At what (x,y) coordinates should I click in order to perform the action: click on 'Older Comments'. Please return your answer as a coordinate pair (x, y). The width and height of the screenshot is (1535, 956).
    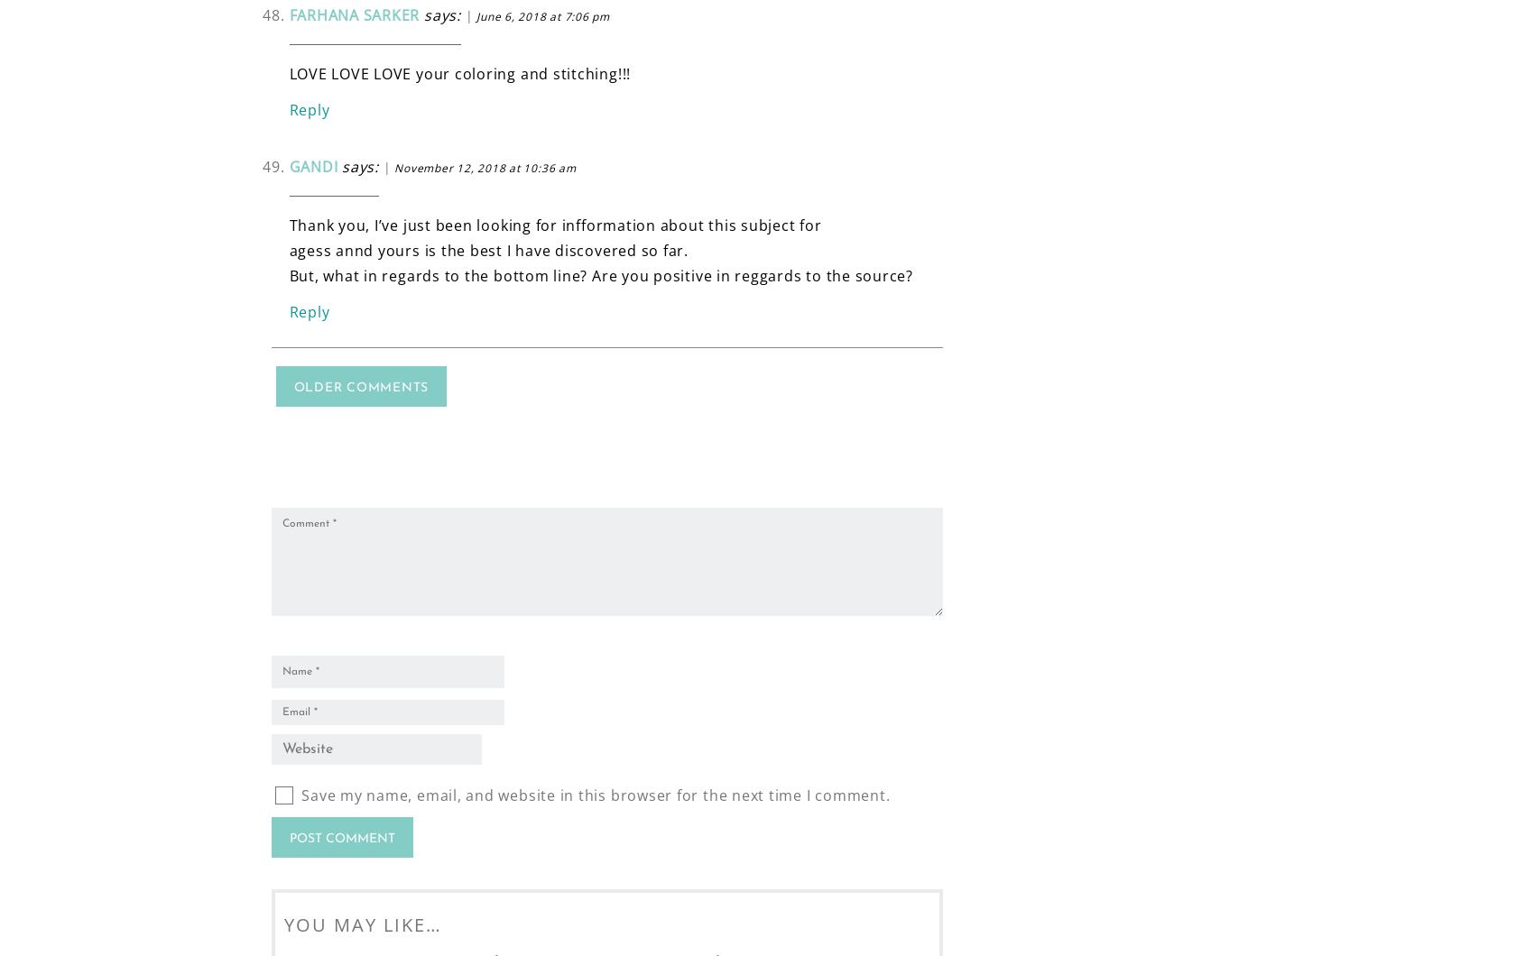
    Looking at the image, I should click on (360, 386).